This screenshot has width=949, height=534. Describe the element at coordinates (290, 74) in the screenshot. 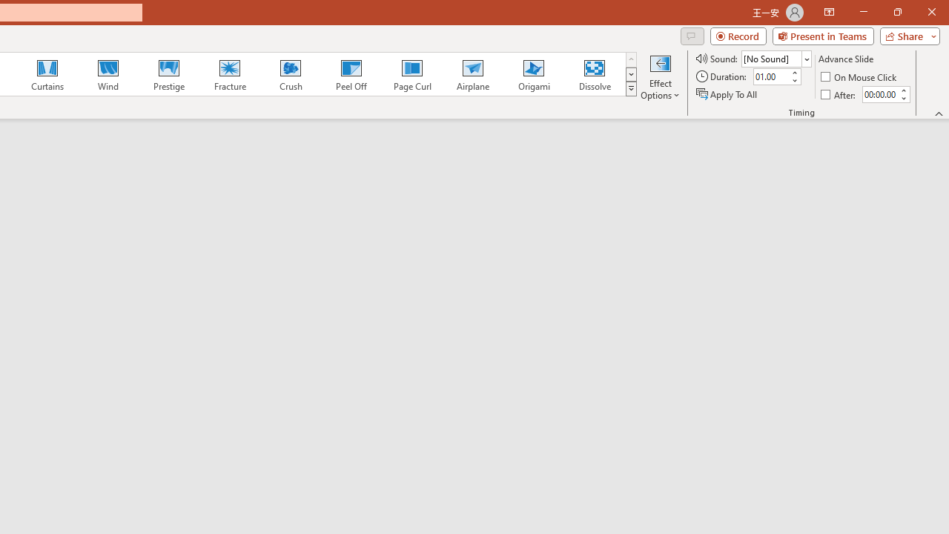

I see `'Crush'` at that location.